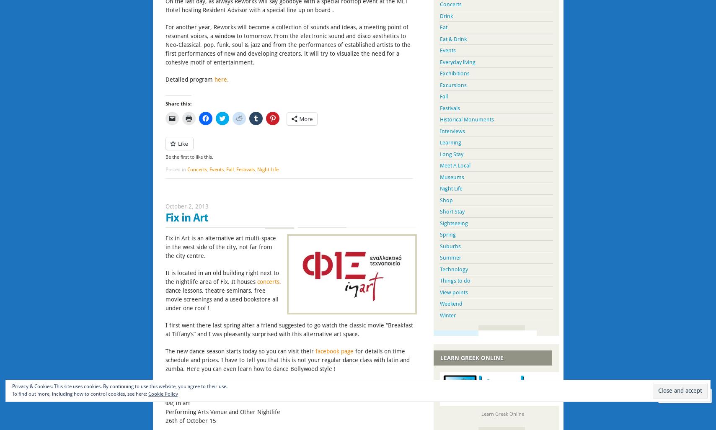  Describe the element at coordinates (287, 44) in the screenshot. I see `'For another year, Reworks will become a collection of sounds and ideas, a meeting point of resonant voices, a window to tomorrow. From the electronic sound and disco aesthetics to Neo-Classical, pop, funk, soul & jazz and from the performances of established artists to the first performances of new and developing creators, it will try to visualize the need for a cohesive motif of entertainment.'` at that location.